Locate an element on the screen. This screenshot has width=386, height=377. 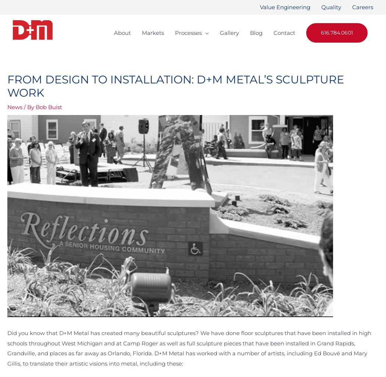
'Quality' is located at coordinates (331, 7).